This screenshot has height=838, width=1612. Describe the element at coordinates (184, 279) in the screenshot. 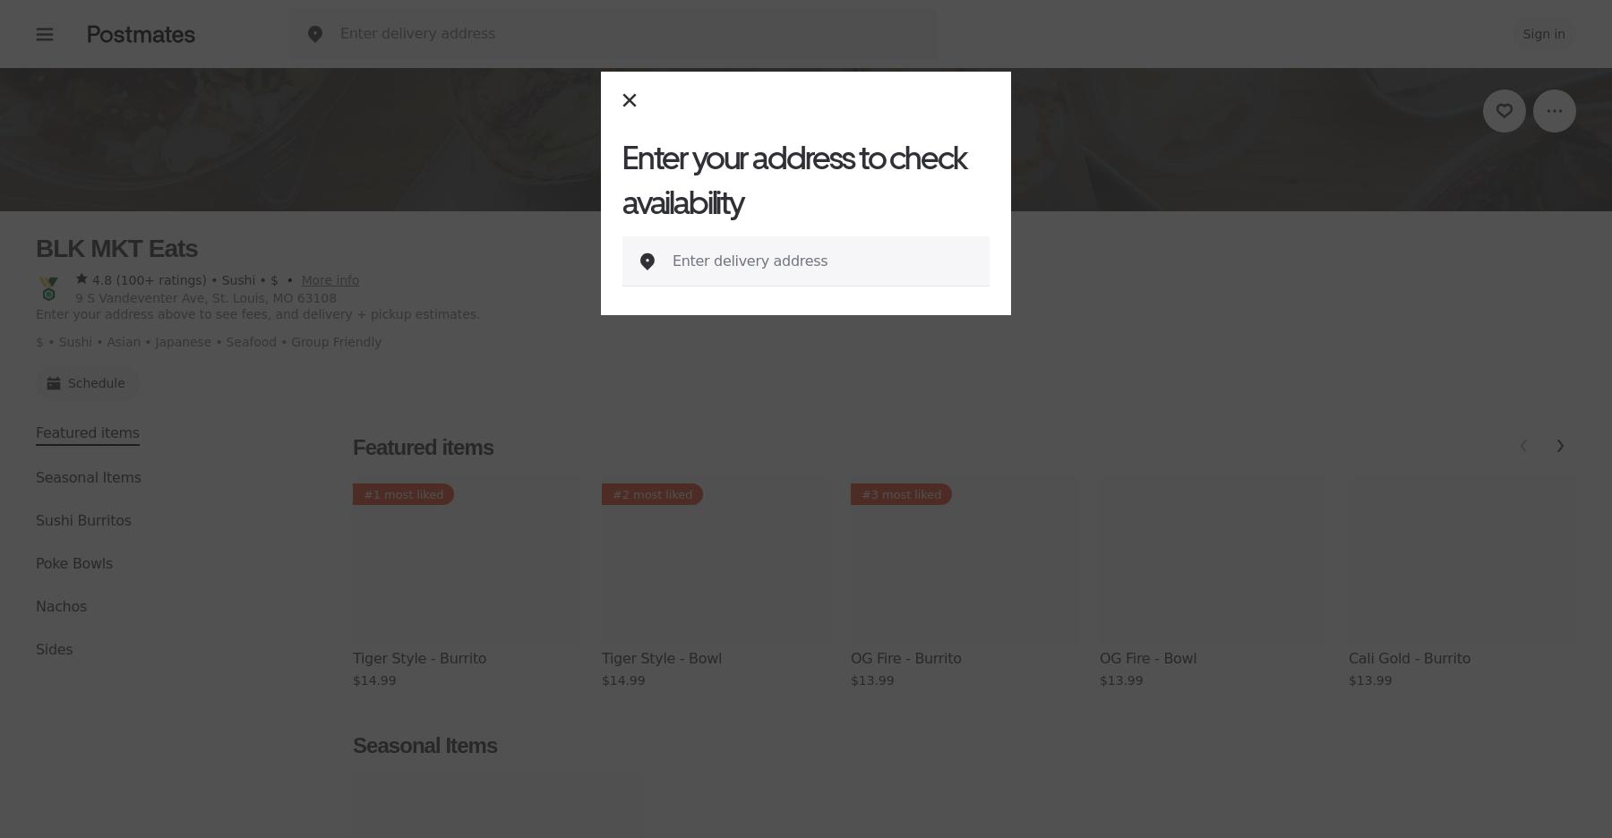

I see `'4.8 (100+ ratings) • Sushi • $'` at that location.